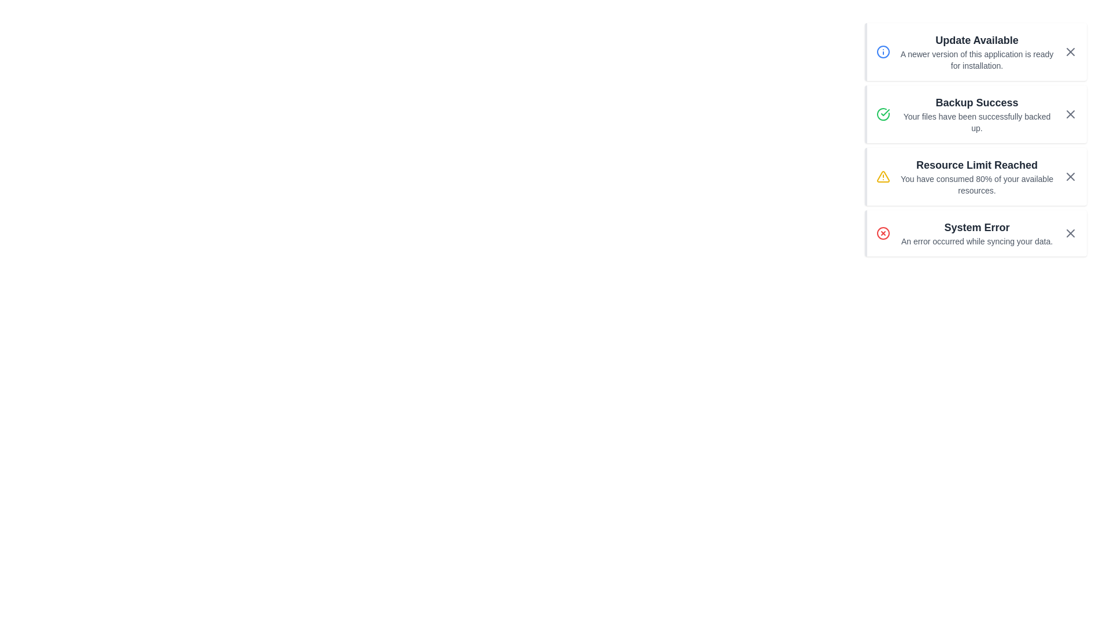 The width and height of the screenshot is (1110, 624). Describe the element at coordinates (976, 165) in the screenshot. I see `the text label 'Resource Limit Reached' which is part of the third notification card in a vertical list of notifications` at that location.